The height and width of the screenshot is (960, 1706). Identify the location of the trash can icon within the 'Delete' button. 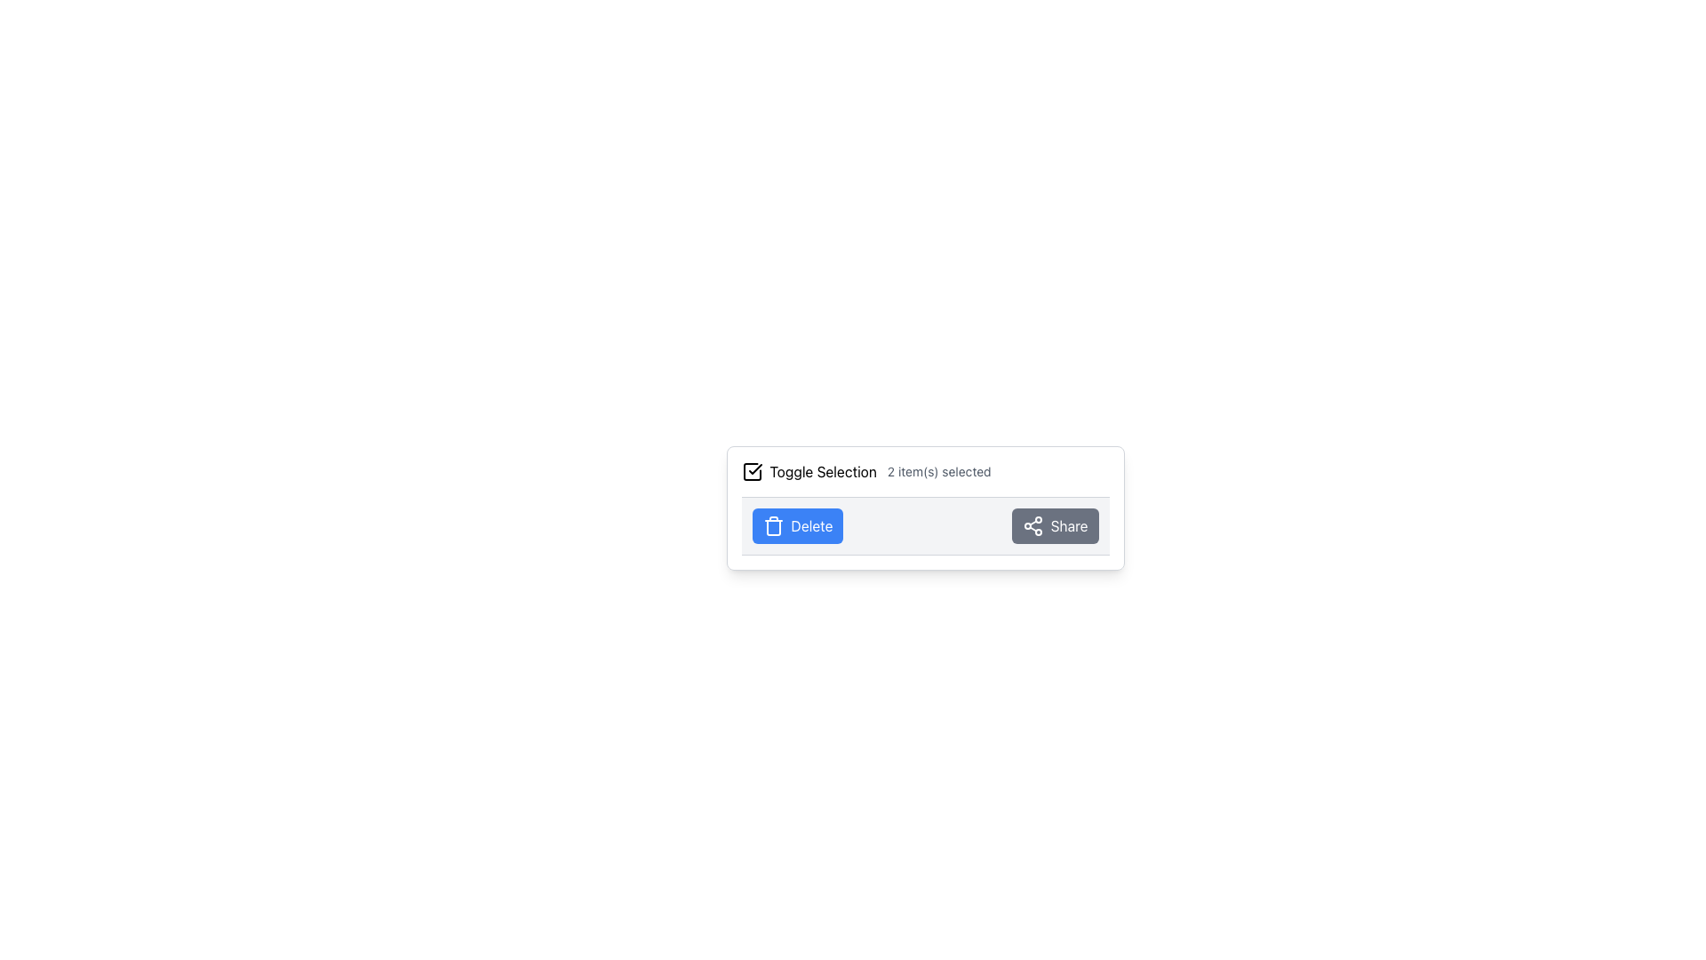
(773, 524).